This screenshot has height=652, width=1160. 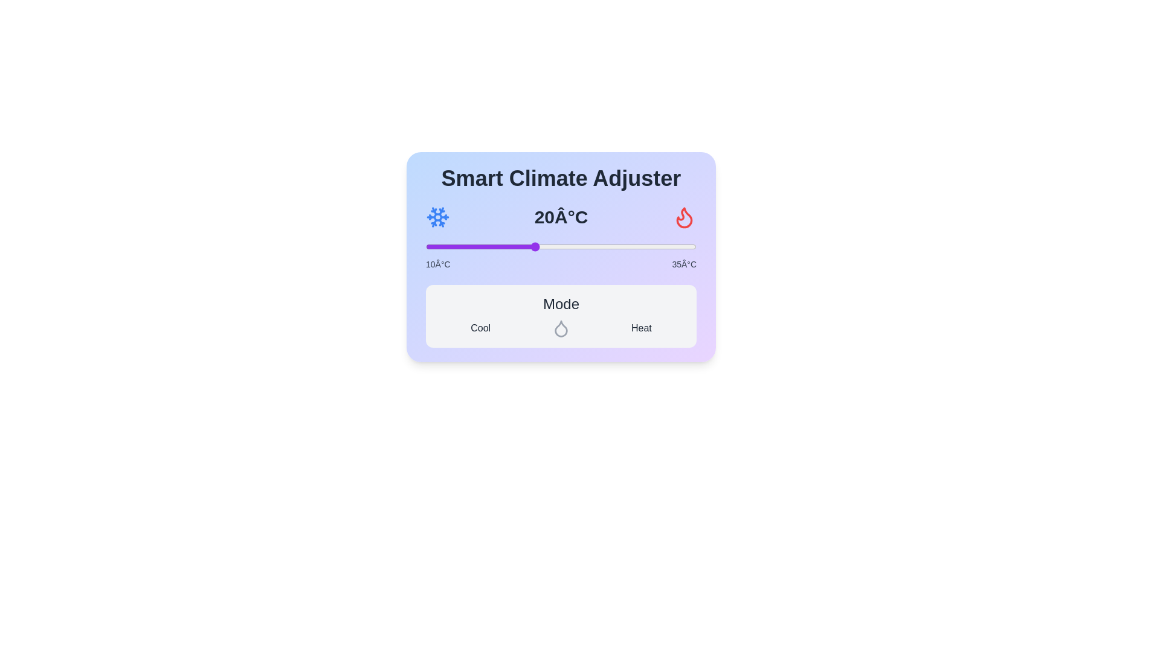 What do you see at coordinates (640, 328) in the screenshot?
I see `'Heat' button to select the heating mode` at bounding box center [640, 328].